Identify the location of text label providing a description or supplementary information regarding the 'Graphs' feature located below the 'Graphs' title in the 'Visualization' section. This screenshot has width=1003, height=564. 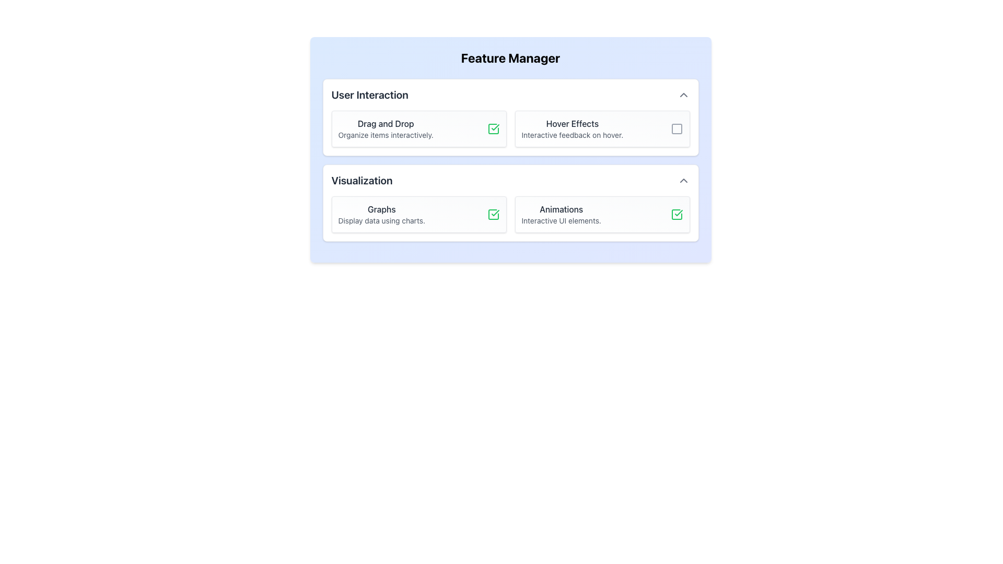
(381, 220).